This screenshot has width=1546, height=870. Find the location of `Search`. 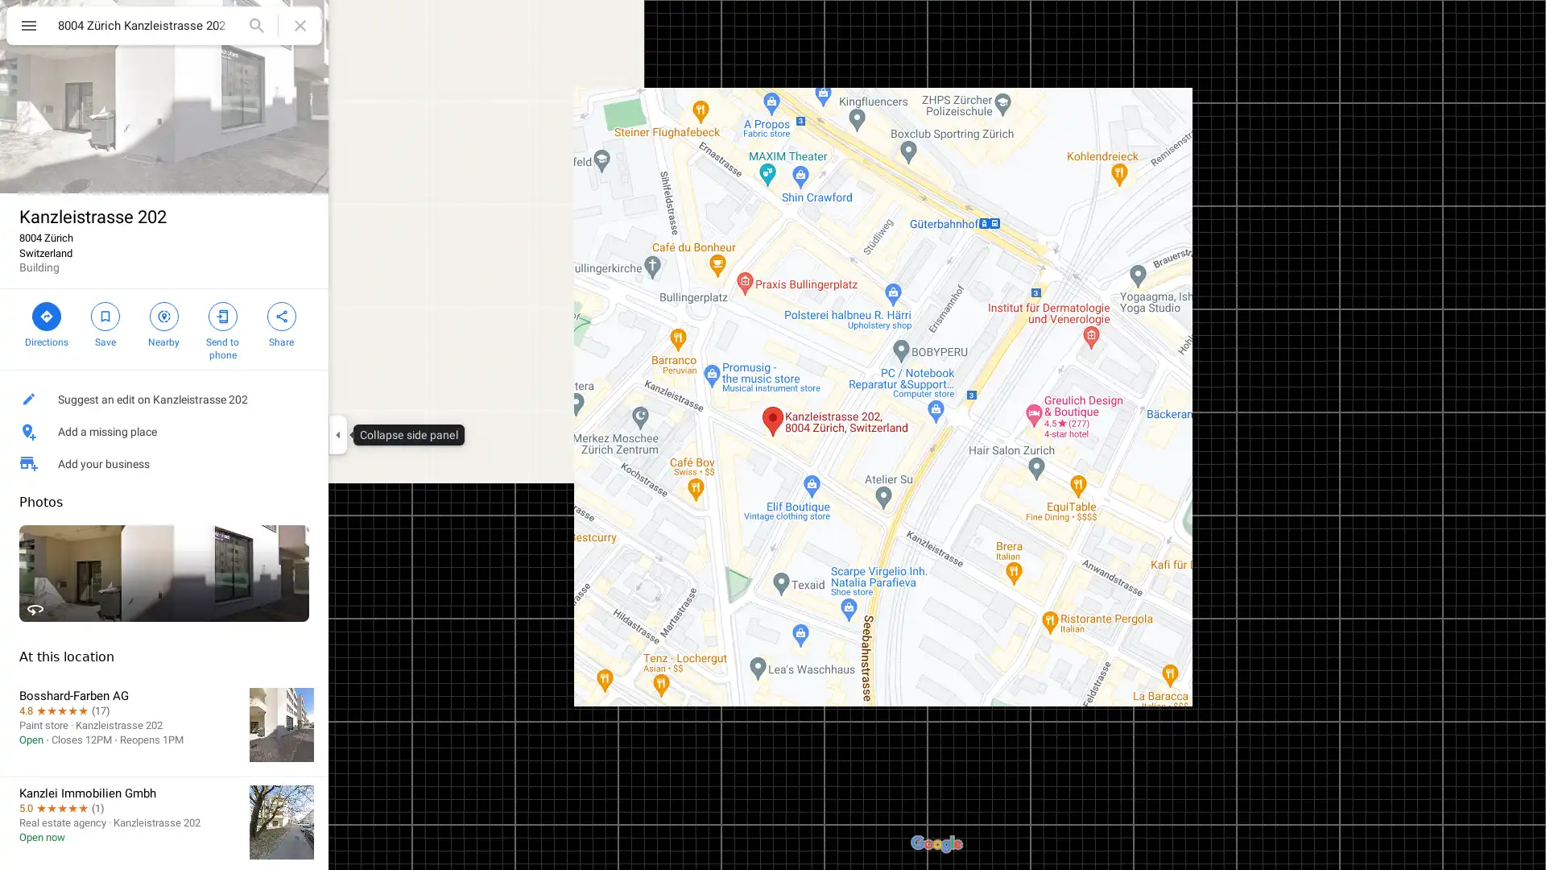

Search is located at coordinates (255, 25).